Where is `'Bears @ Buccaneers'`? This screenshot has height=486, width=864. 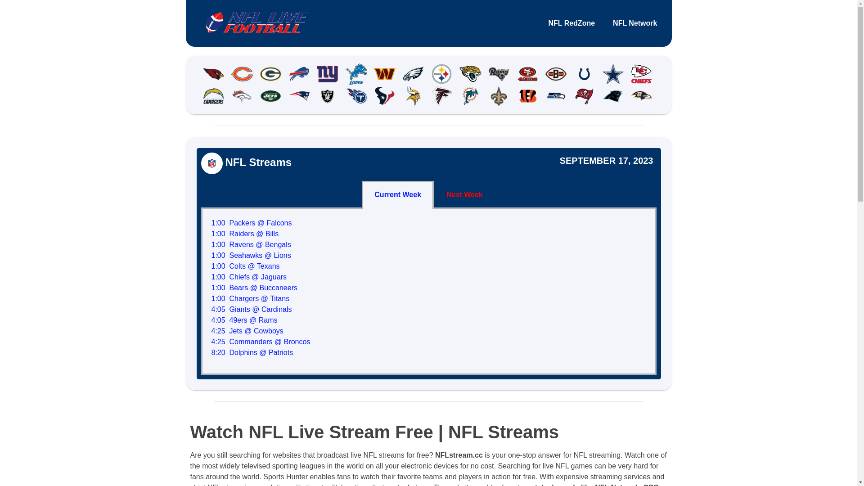
'Bears @ Buccaneers' is located at coordinates (229, 288).